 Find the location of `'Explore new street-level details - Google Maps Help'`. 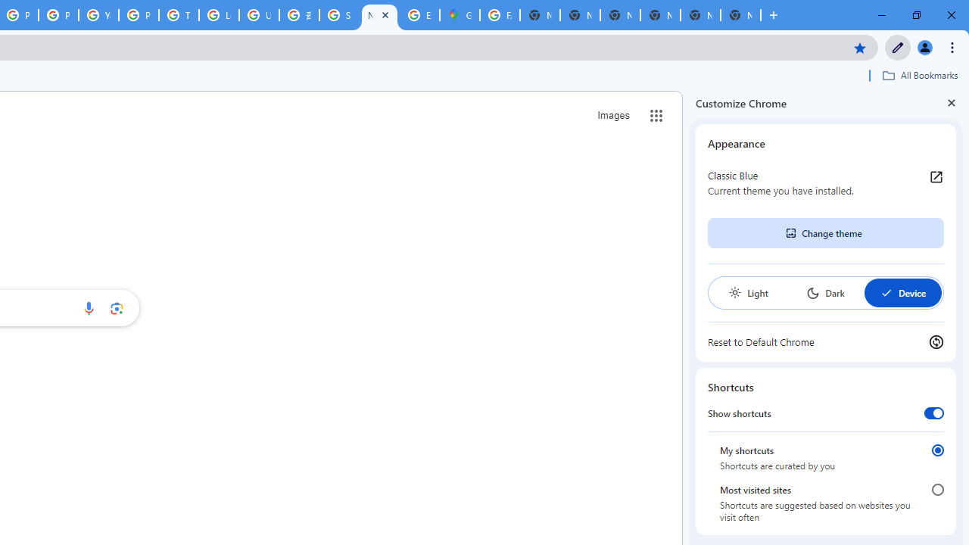

'Explore new street-level details - Google Maps Help' is located at coordinates (419, 15).